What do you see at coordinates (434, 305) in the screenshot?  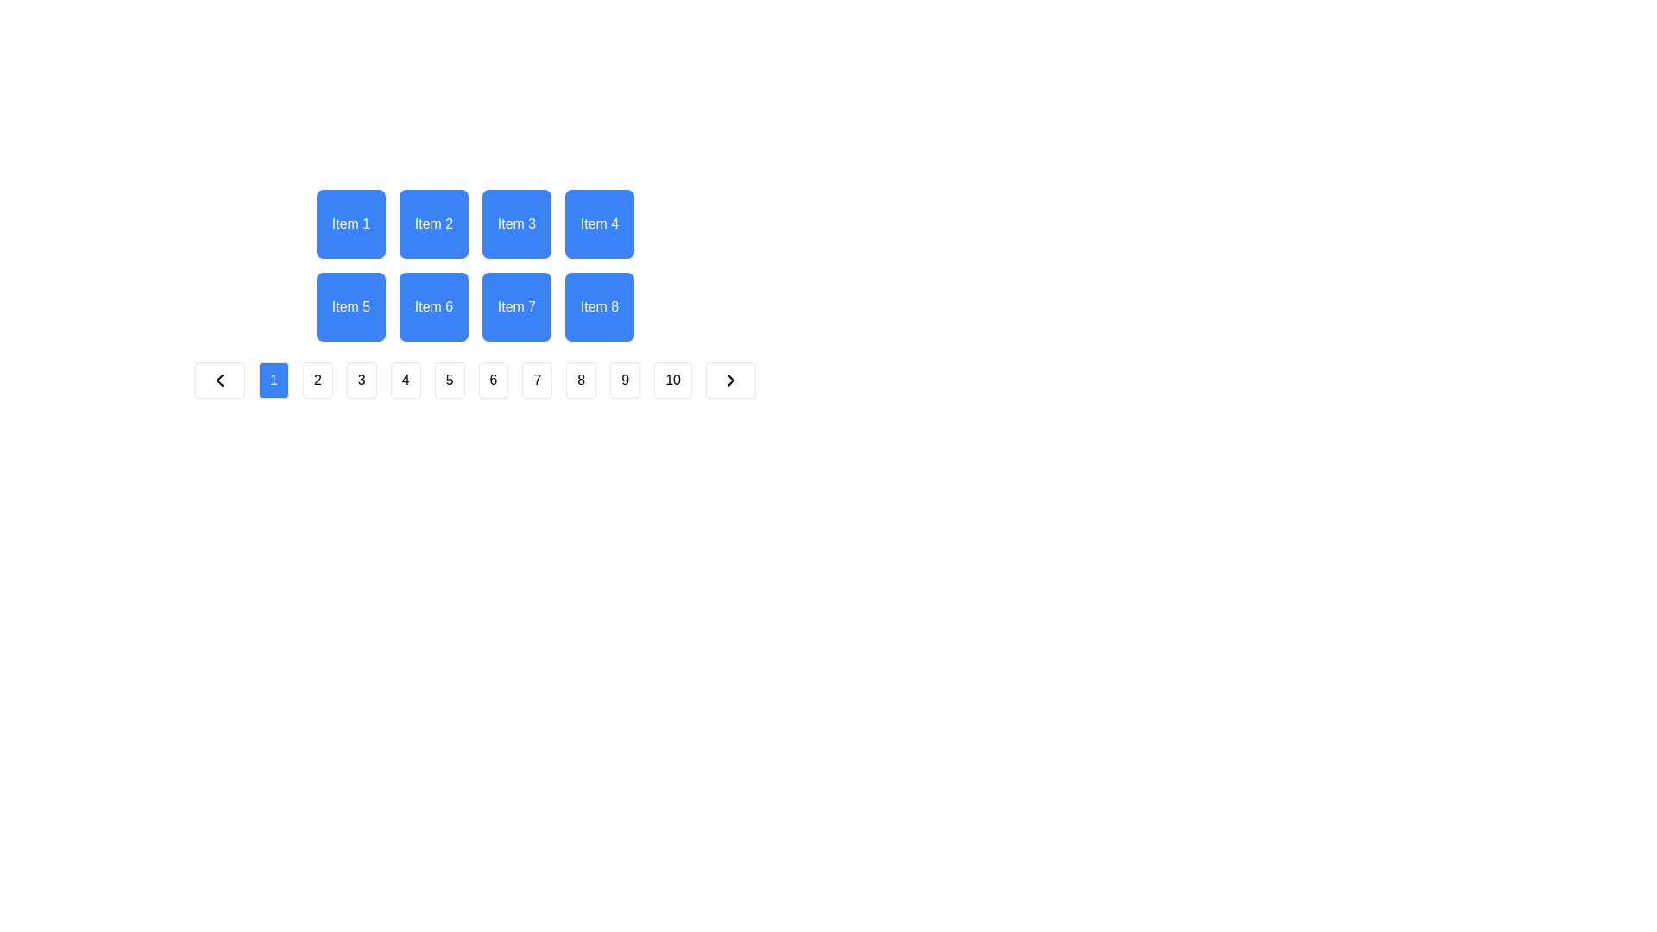 I see `the second item in the second row of a 4-column grid layout, which is a Button-like UI element` at bounding box center [434, 305].